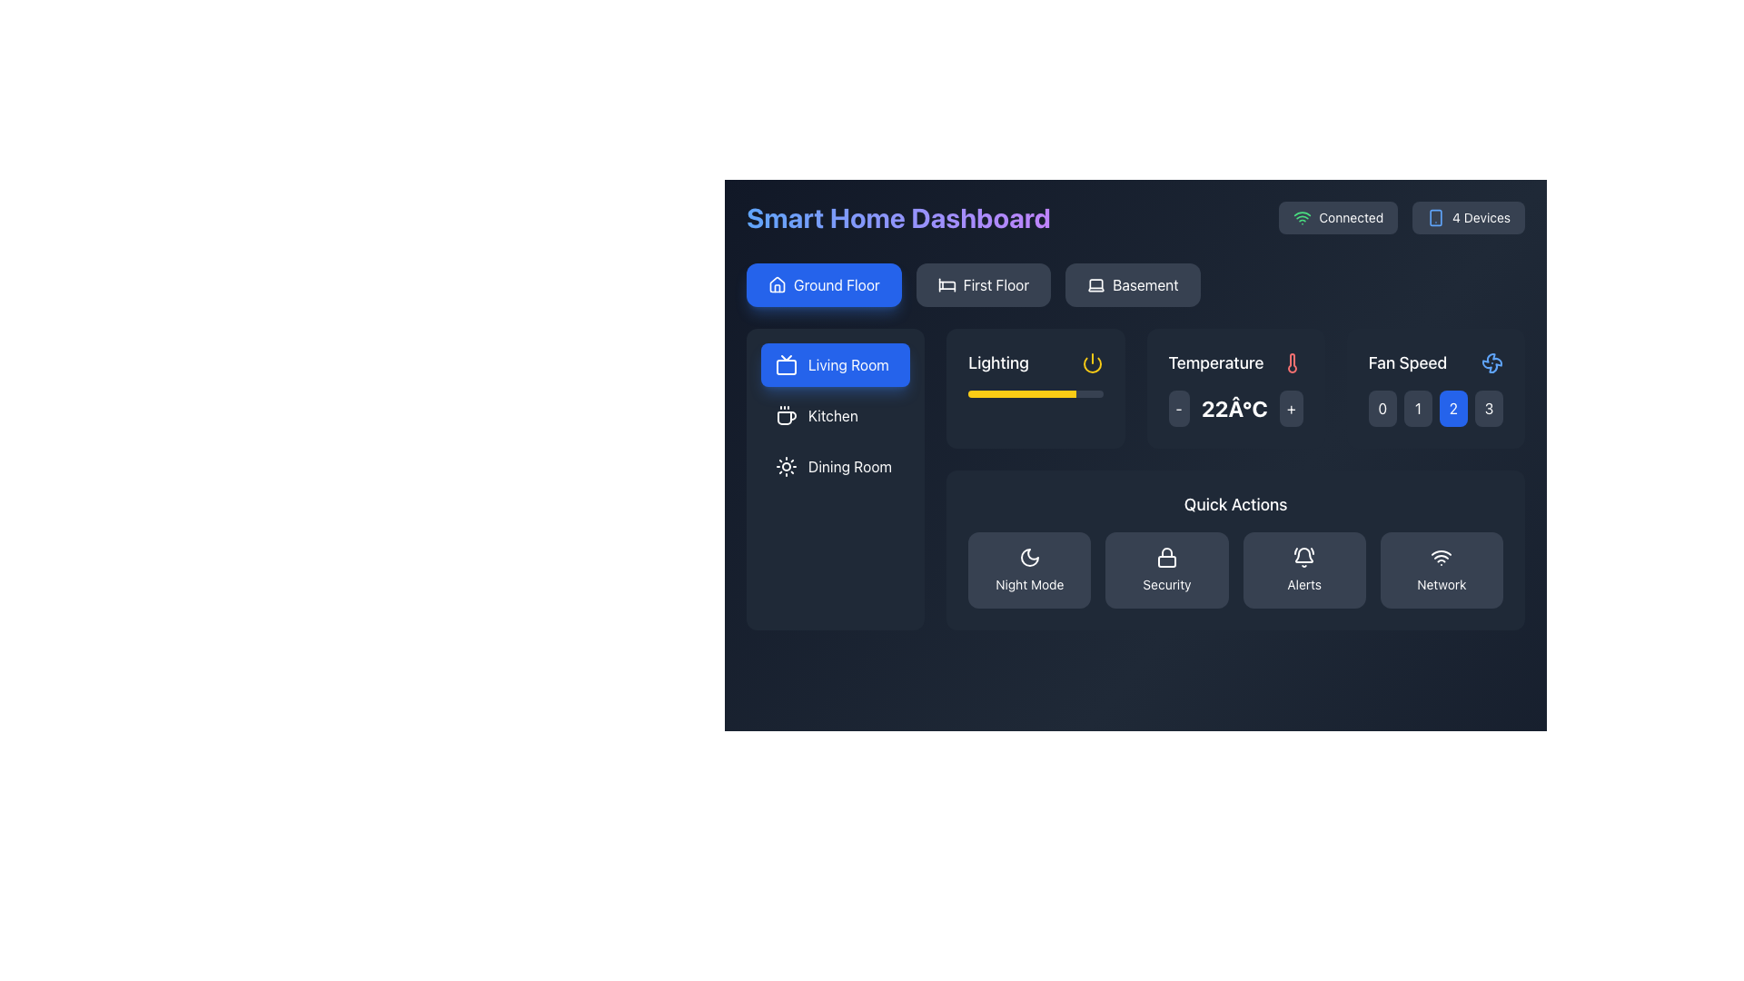 The image size is (1744, 981). I want to click on the sun icon within the 'Dining Room' button on the left-side navigation panel, which symbolizes lighting or ambiance, so click(786, 465).